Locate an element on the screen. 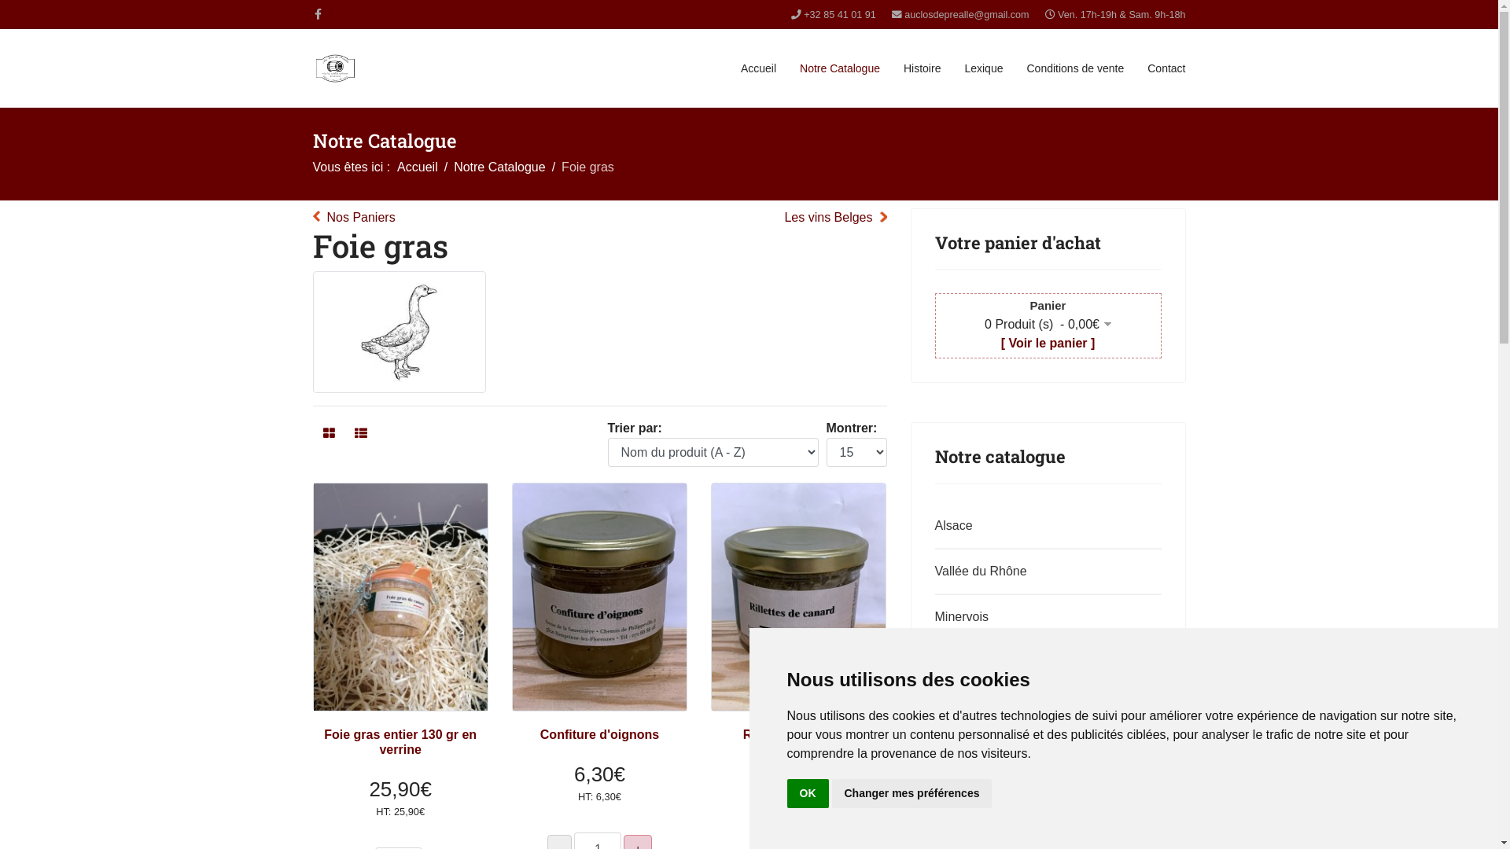 The width and height of the screenshot is (1510, 849). 'Conditions de vente' is located at coordinates (1074, 68).